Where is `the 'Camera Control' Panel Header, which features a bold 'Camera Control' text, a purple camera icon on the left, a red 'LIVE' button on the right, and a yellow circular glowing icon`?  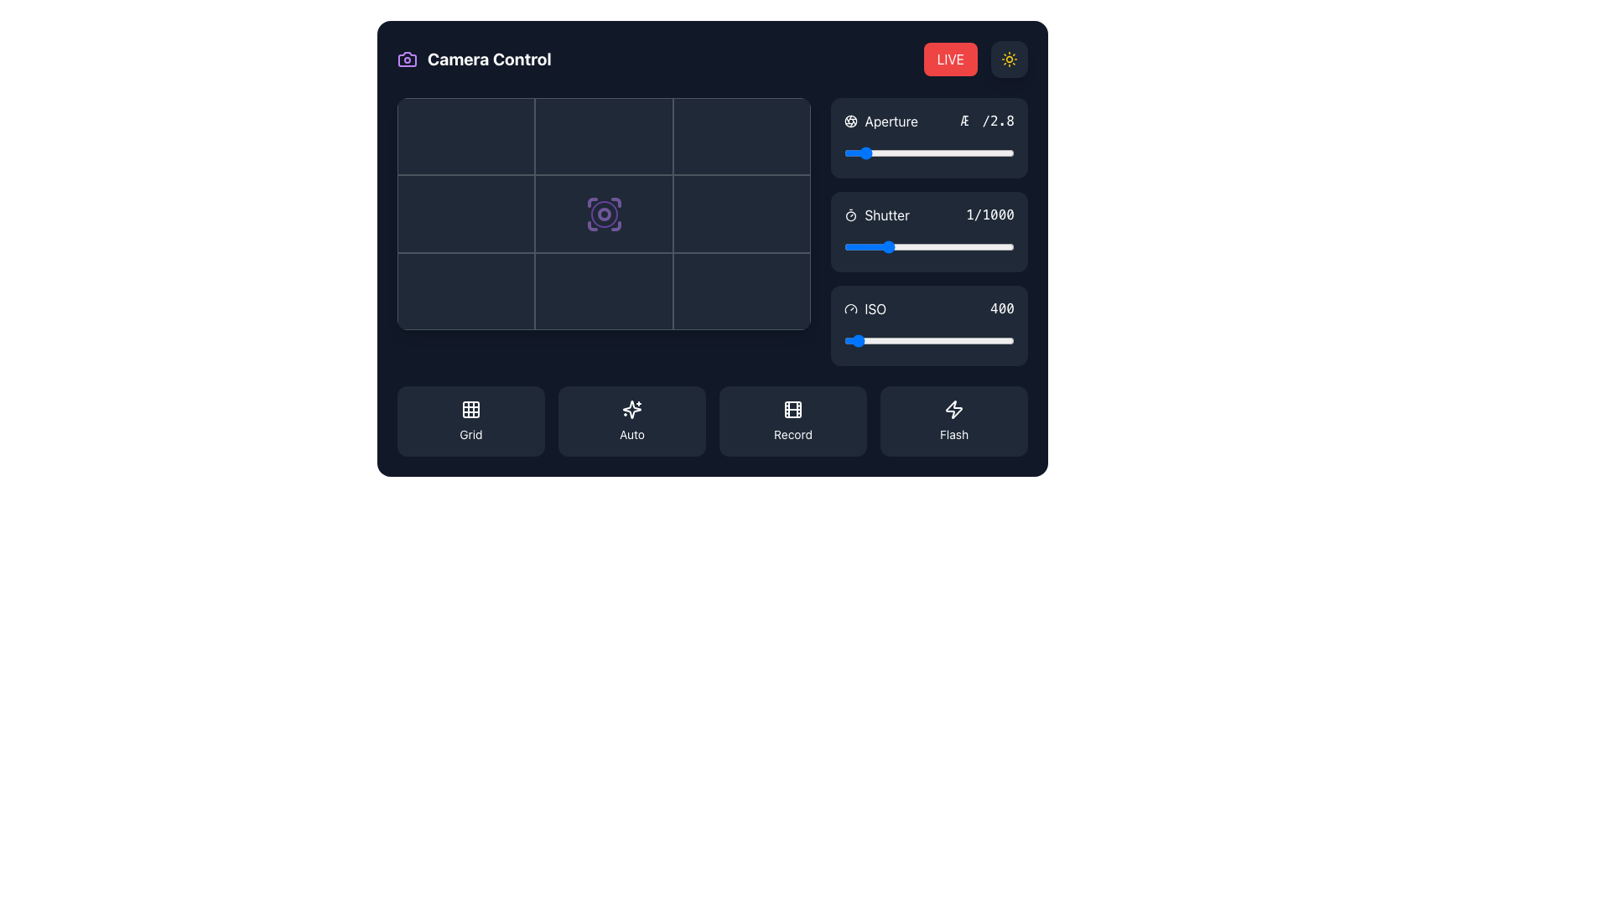
the 'Camera Control' Panel Header, which features a bold 'Camera Control' text, a purple camera icon on the left, a red 'LIVE' button on the right, and a yellow circular glowing icon is located at coordinates (712, 58).